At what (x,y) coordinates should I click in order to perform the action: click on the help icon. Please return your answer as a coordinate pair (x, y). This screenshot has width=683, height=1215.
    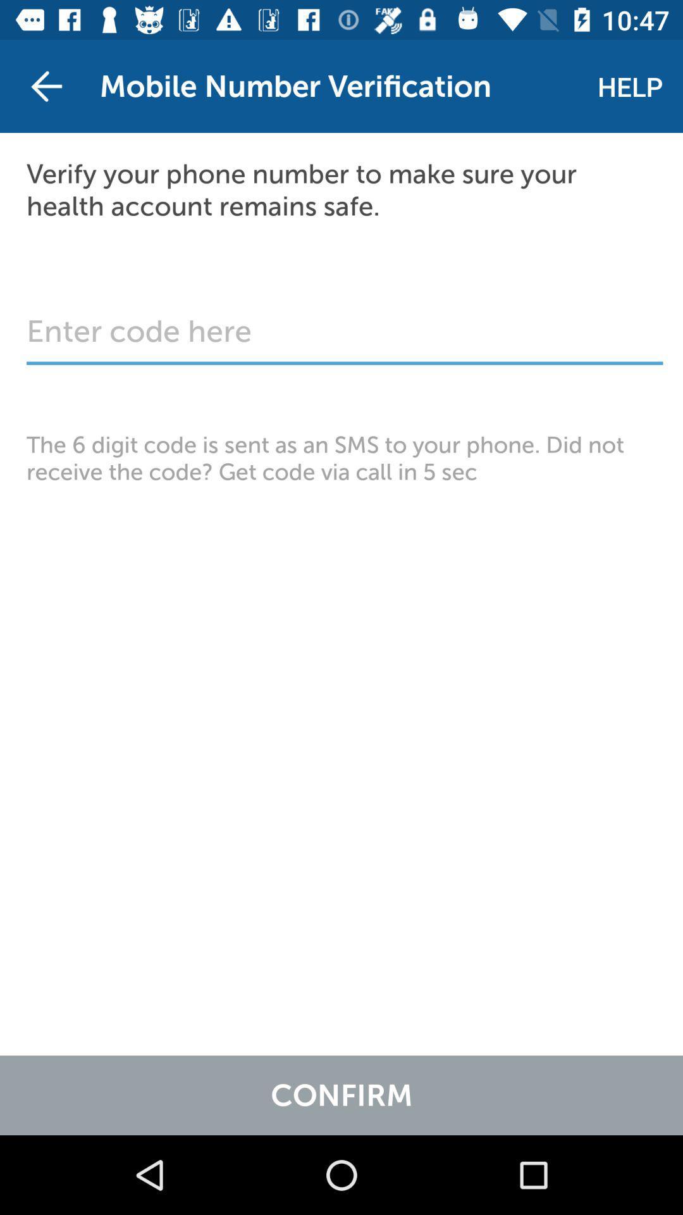
    Looking at the image, I should click on (630, 85).